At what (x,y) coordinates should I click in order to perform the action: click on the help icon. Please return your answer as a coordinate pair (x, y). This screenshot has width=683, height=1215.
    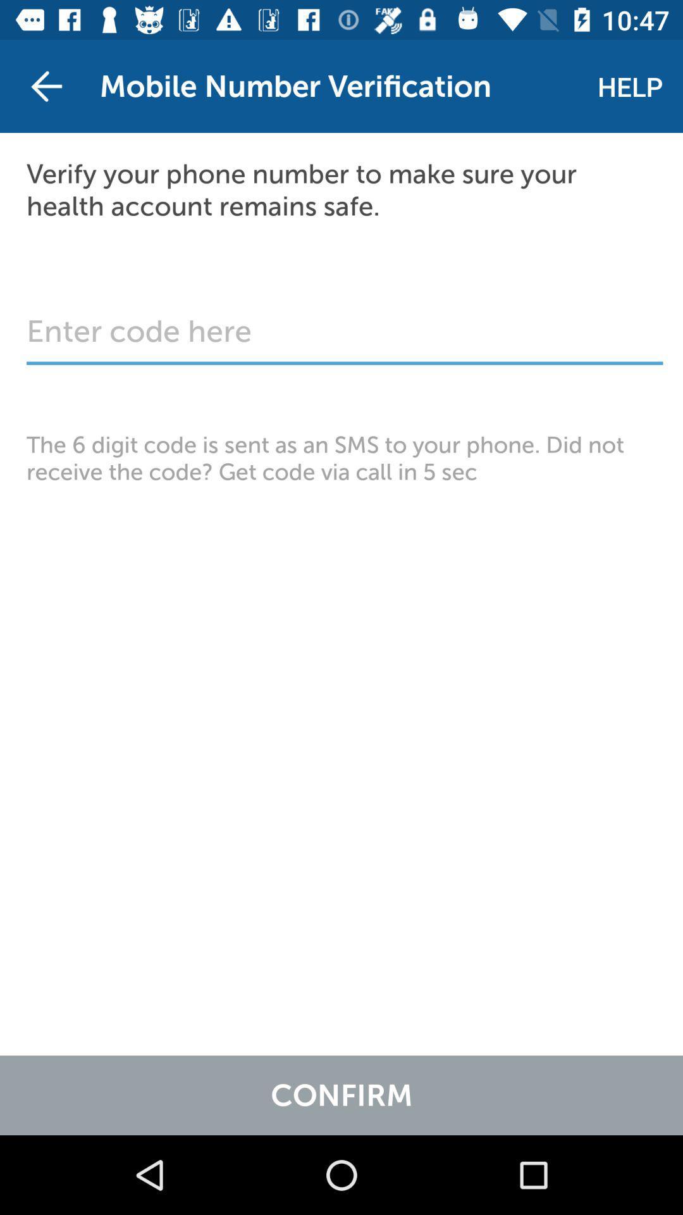
    Looking at the image, I should click on (630, 85).